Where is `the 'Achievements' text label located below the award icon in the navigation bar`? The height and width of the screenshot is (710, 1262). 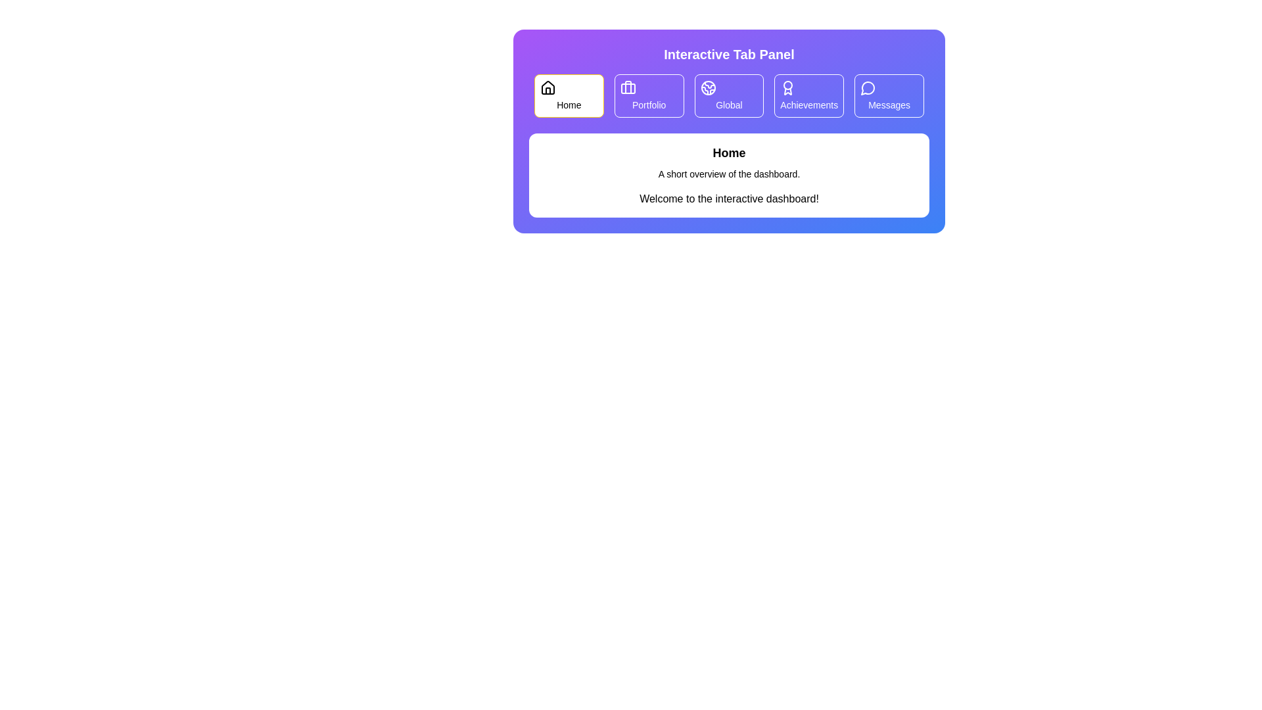
the 'Achievements' text label located below the award icon in the navigation bar is located at coordinates (808, 104).